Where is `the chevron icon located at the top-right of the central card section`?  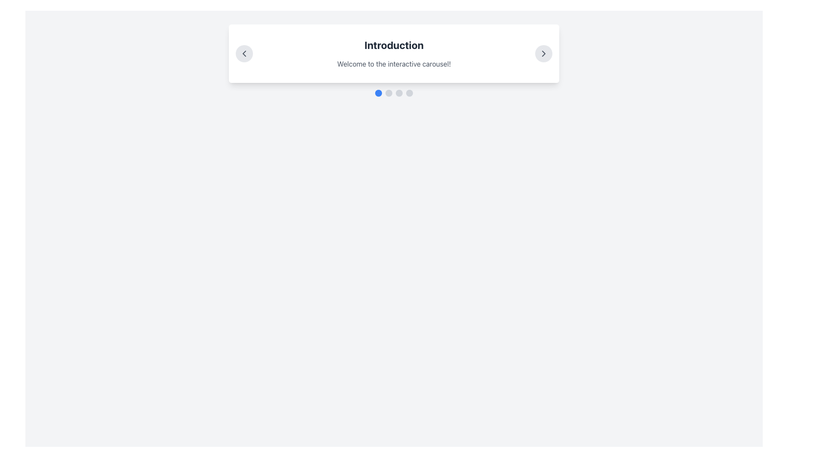
the chevron icon located at the top-right of the central card section is located at coordinates (543, 53).